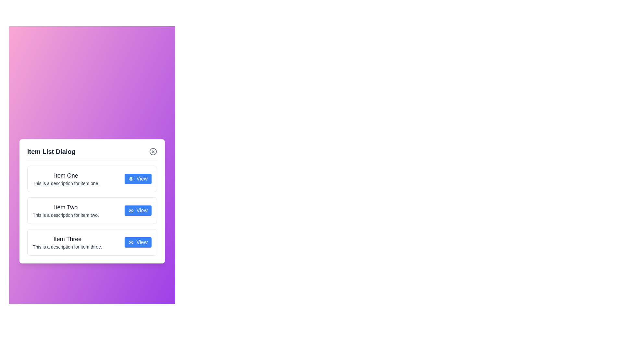  Describe the element at coordinates (138, 210) in the screenshot. I see `the 'View' button for item Item Two` at that location.